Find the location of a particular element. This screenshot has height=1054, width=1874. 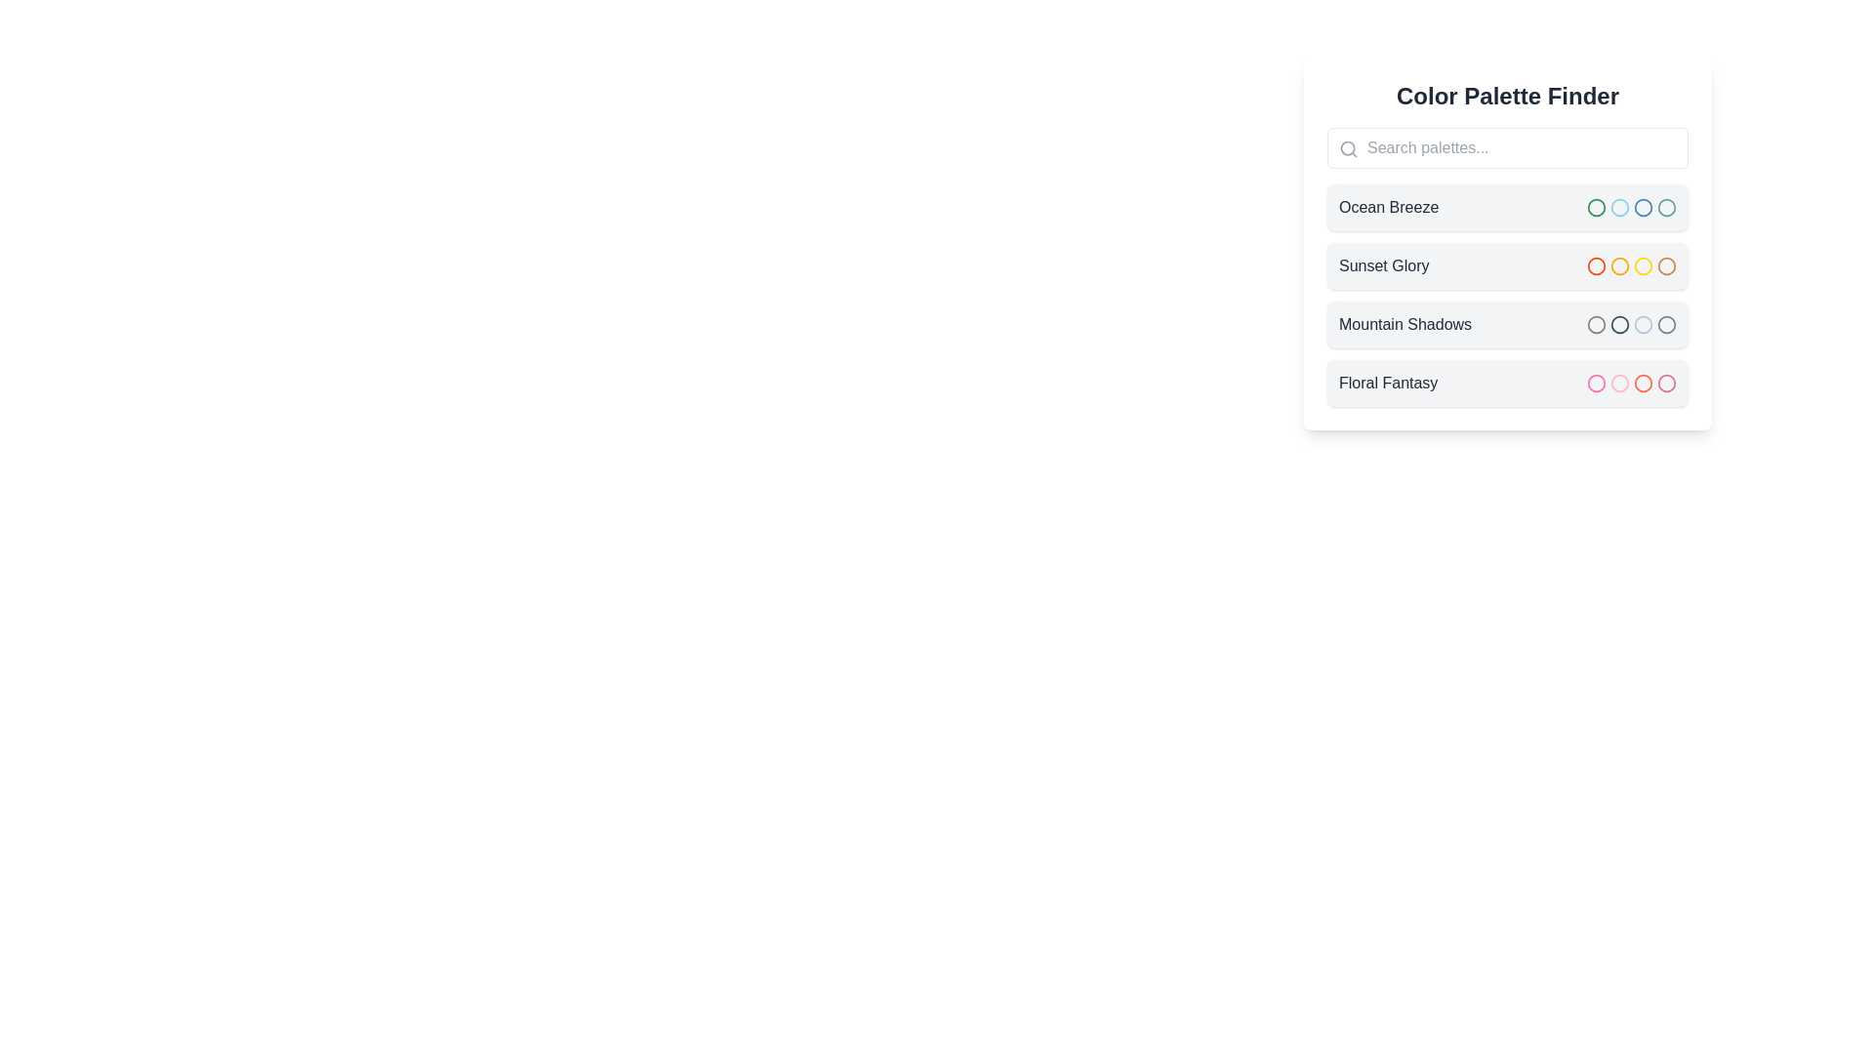

the second circular icon representing the 'Ocean Breeze' palette, located between the green and dark blue circles is located at coordinates (1620, 207).